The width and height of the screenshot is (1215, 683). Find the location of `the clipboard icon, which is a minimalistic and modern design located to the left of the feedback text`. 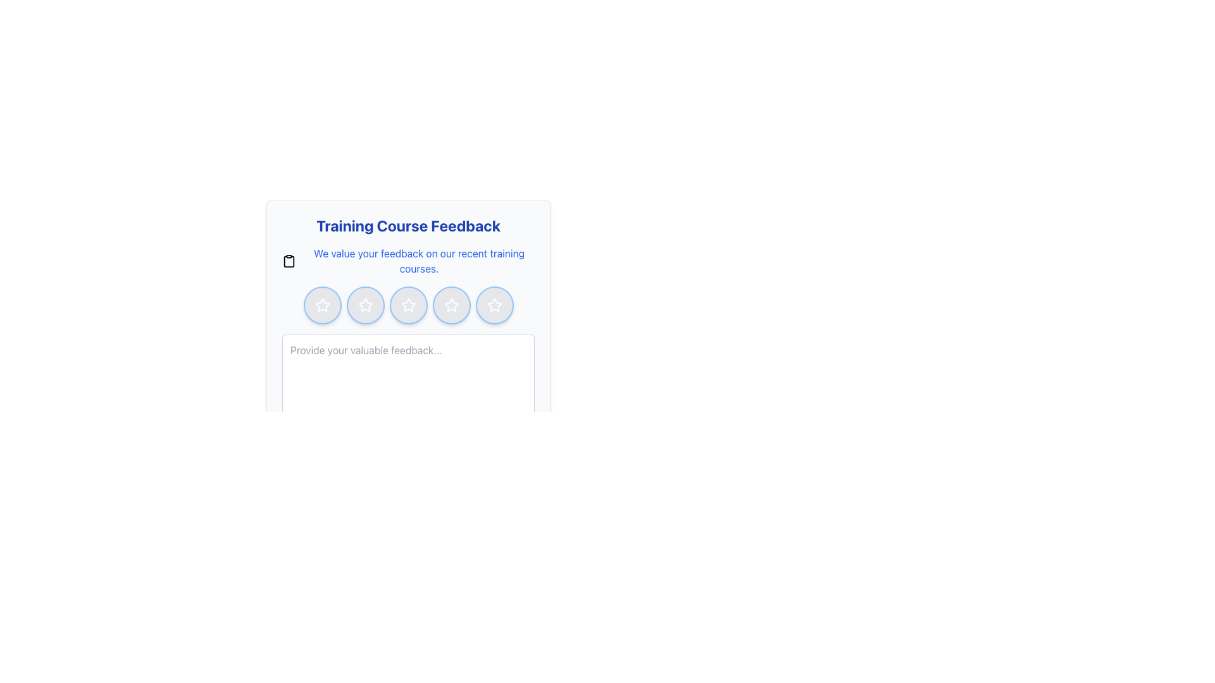

the clipboard icon, which is a minimalistic and modern design located to the left of the feedback text is located at coordinates (288, 260).